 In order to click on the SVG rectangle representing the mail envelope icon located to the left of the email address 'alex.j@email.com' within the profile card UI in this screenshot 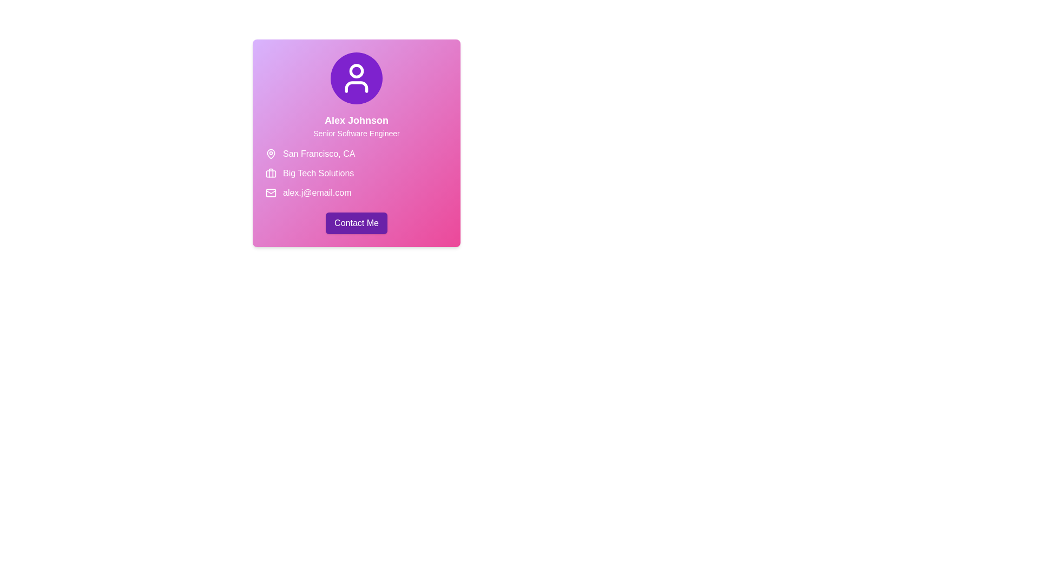, I will do `click(271, 193)`.